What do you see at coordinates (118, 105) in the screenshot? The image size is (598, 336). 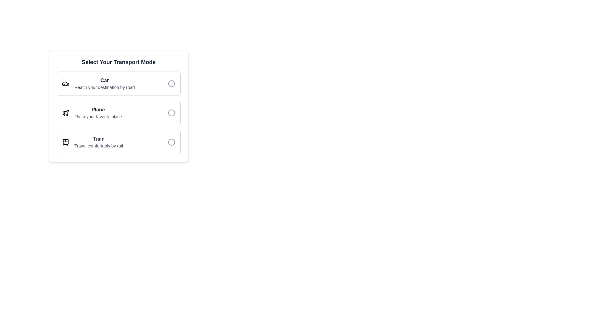 I see `the 'Plane' option in the transport selection interface` at bounding box center [118, 105].